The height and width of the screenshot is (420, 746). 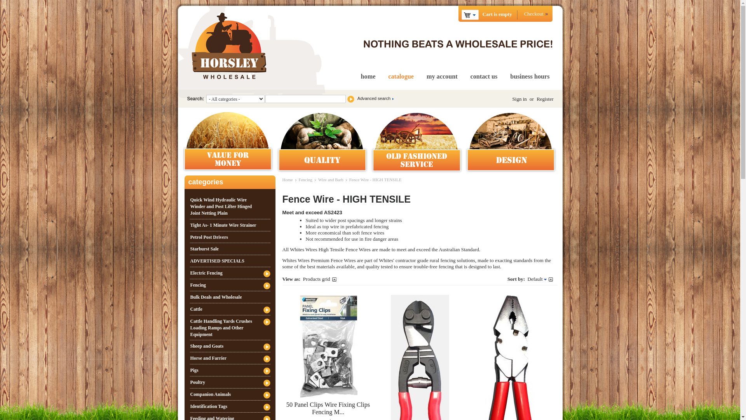 I want to click on 'business hours', so click(x=510, y=76).